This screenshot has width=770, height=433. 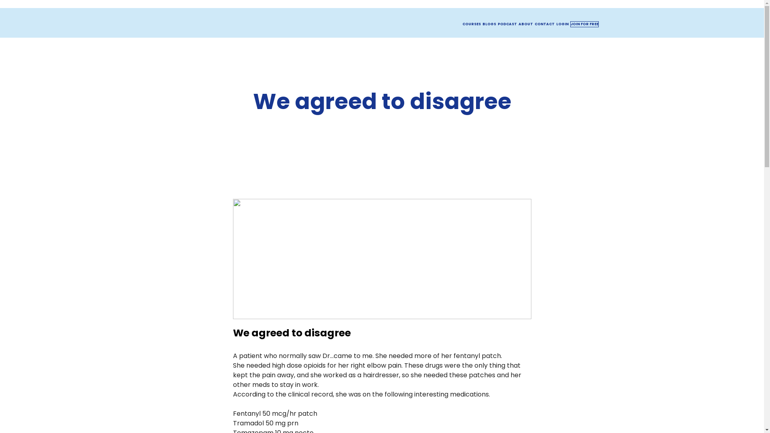 What do you see at coordinates (544, 24) in the screenshot?
I see `'CONTACT'` at bounding box center [544, 24].